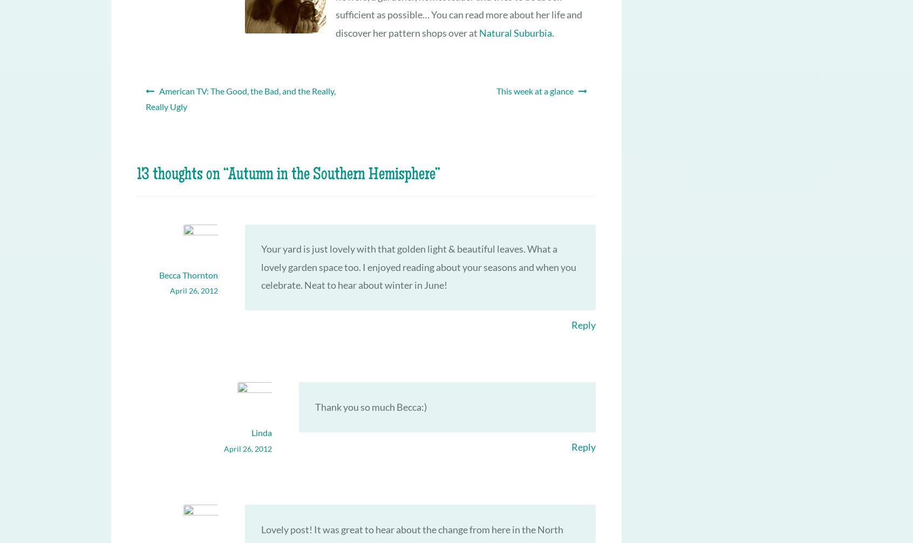  I want to click on 'Linda', so click(261, 432).